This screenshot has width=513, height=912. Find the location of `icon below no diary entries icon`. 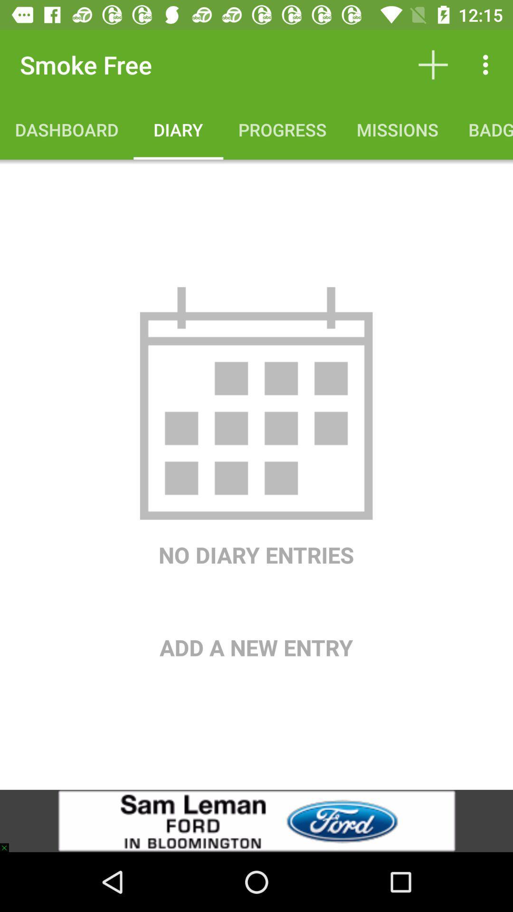

icon below no diary entries icon is located at coordinates (256, 616).